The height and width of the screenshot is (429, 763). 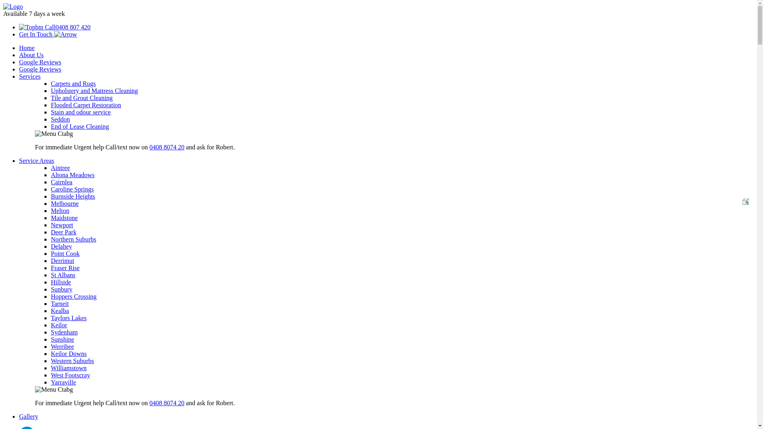 I want to click on 'End of Lease Cleaning', so click(x=80, y=126).